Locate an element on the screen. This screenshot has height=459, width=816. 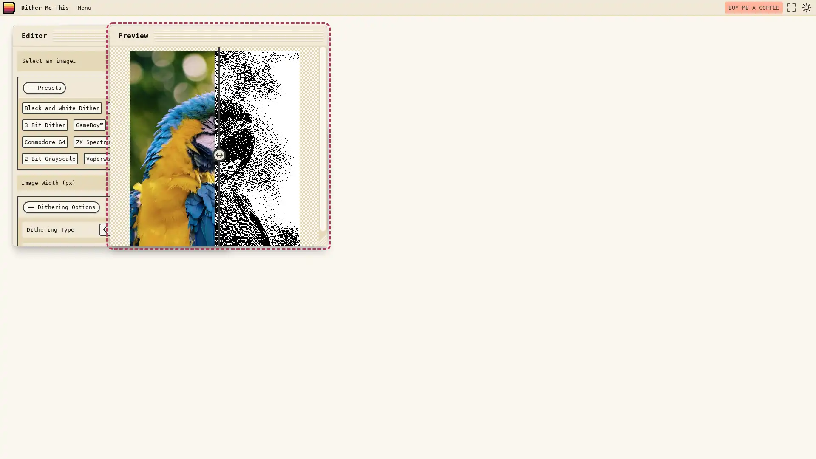
Choose File is located at coordinates (144, 60).